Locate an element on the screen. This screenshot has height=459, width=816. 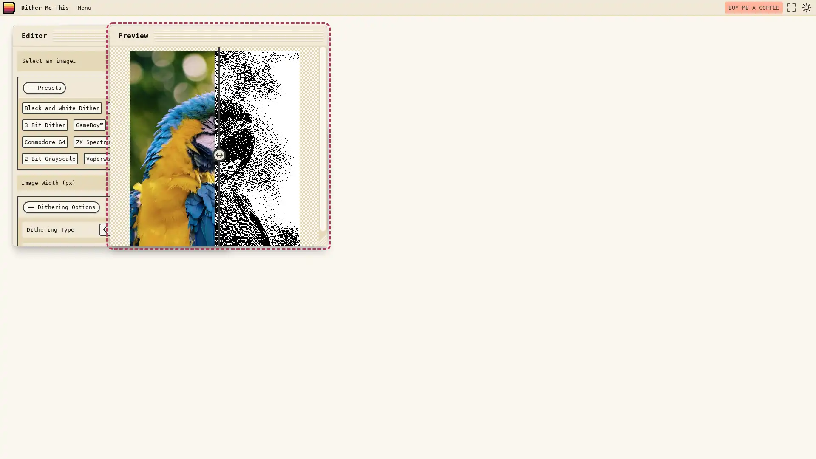
Choose File is located at coordinates (144, 60).